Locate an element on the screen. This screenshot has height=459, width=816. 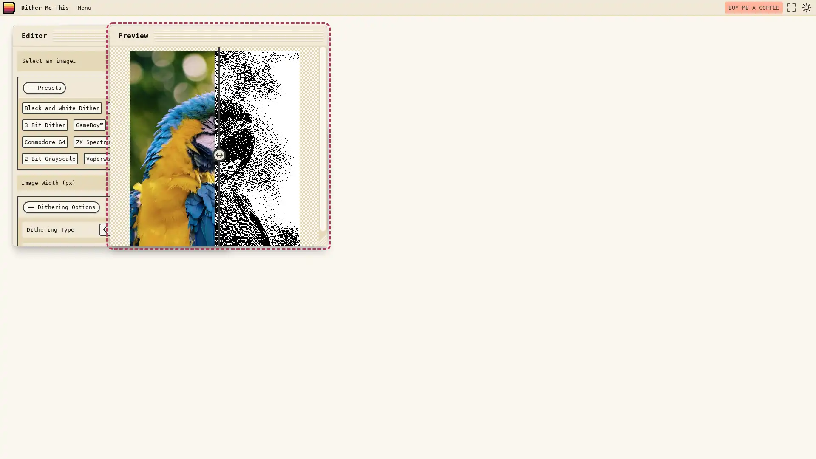
Choose File is located at coordinates (144, 60).